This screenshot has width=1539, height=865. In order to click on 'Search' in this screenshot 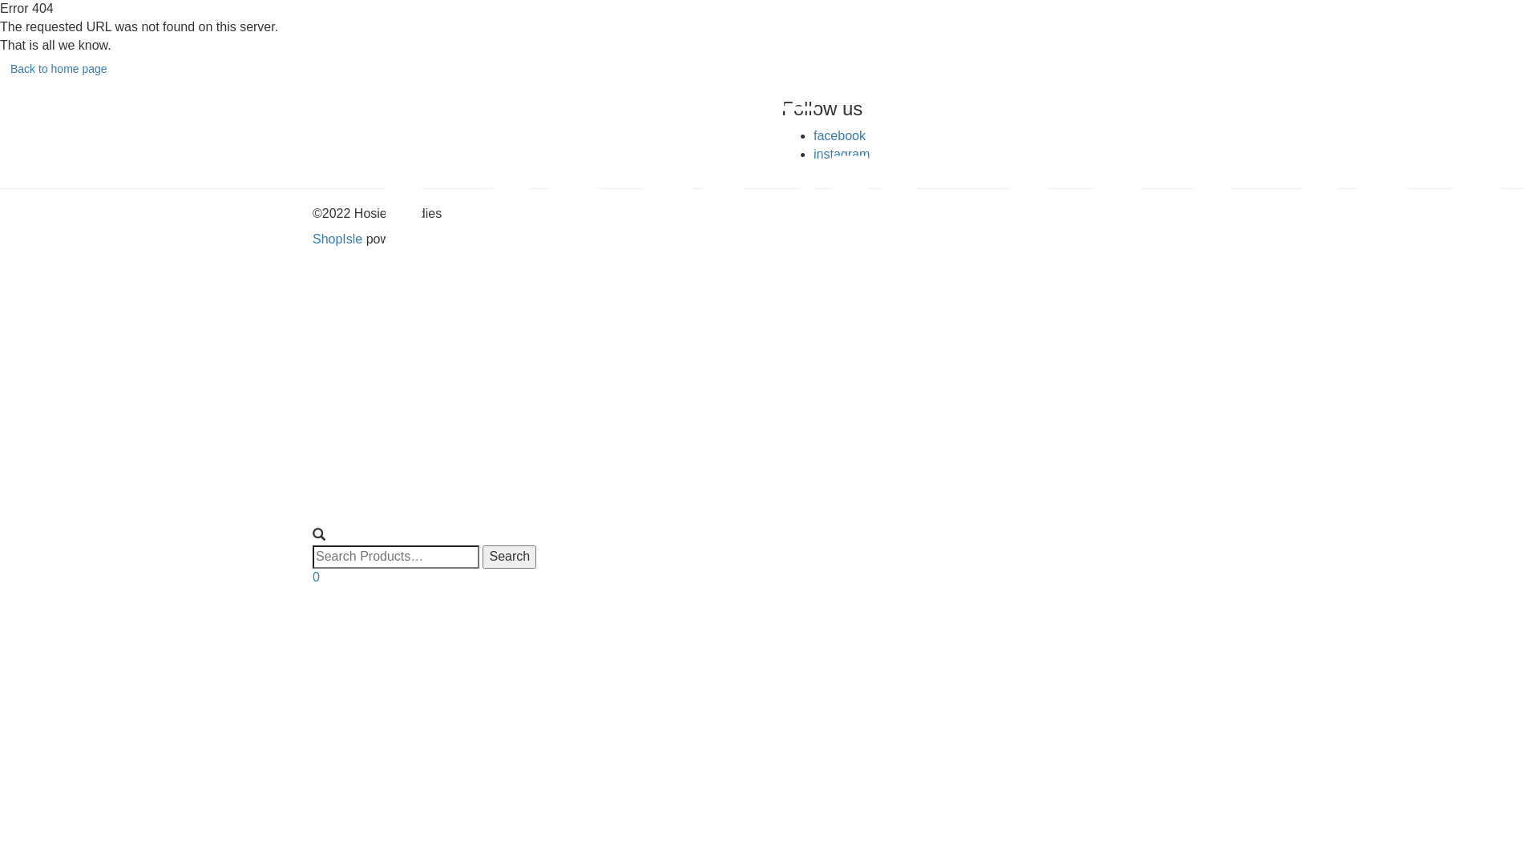, I will do `click(508, 556)`.